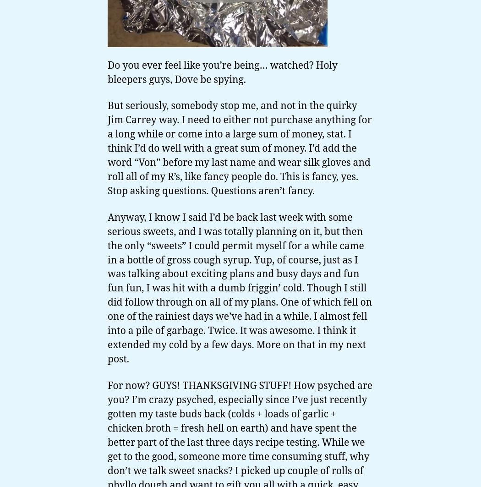  I want to click on 'Crisps', so click(31, 476).